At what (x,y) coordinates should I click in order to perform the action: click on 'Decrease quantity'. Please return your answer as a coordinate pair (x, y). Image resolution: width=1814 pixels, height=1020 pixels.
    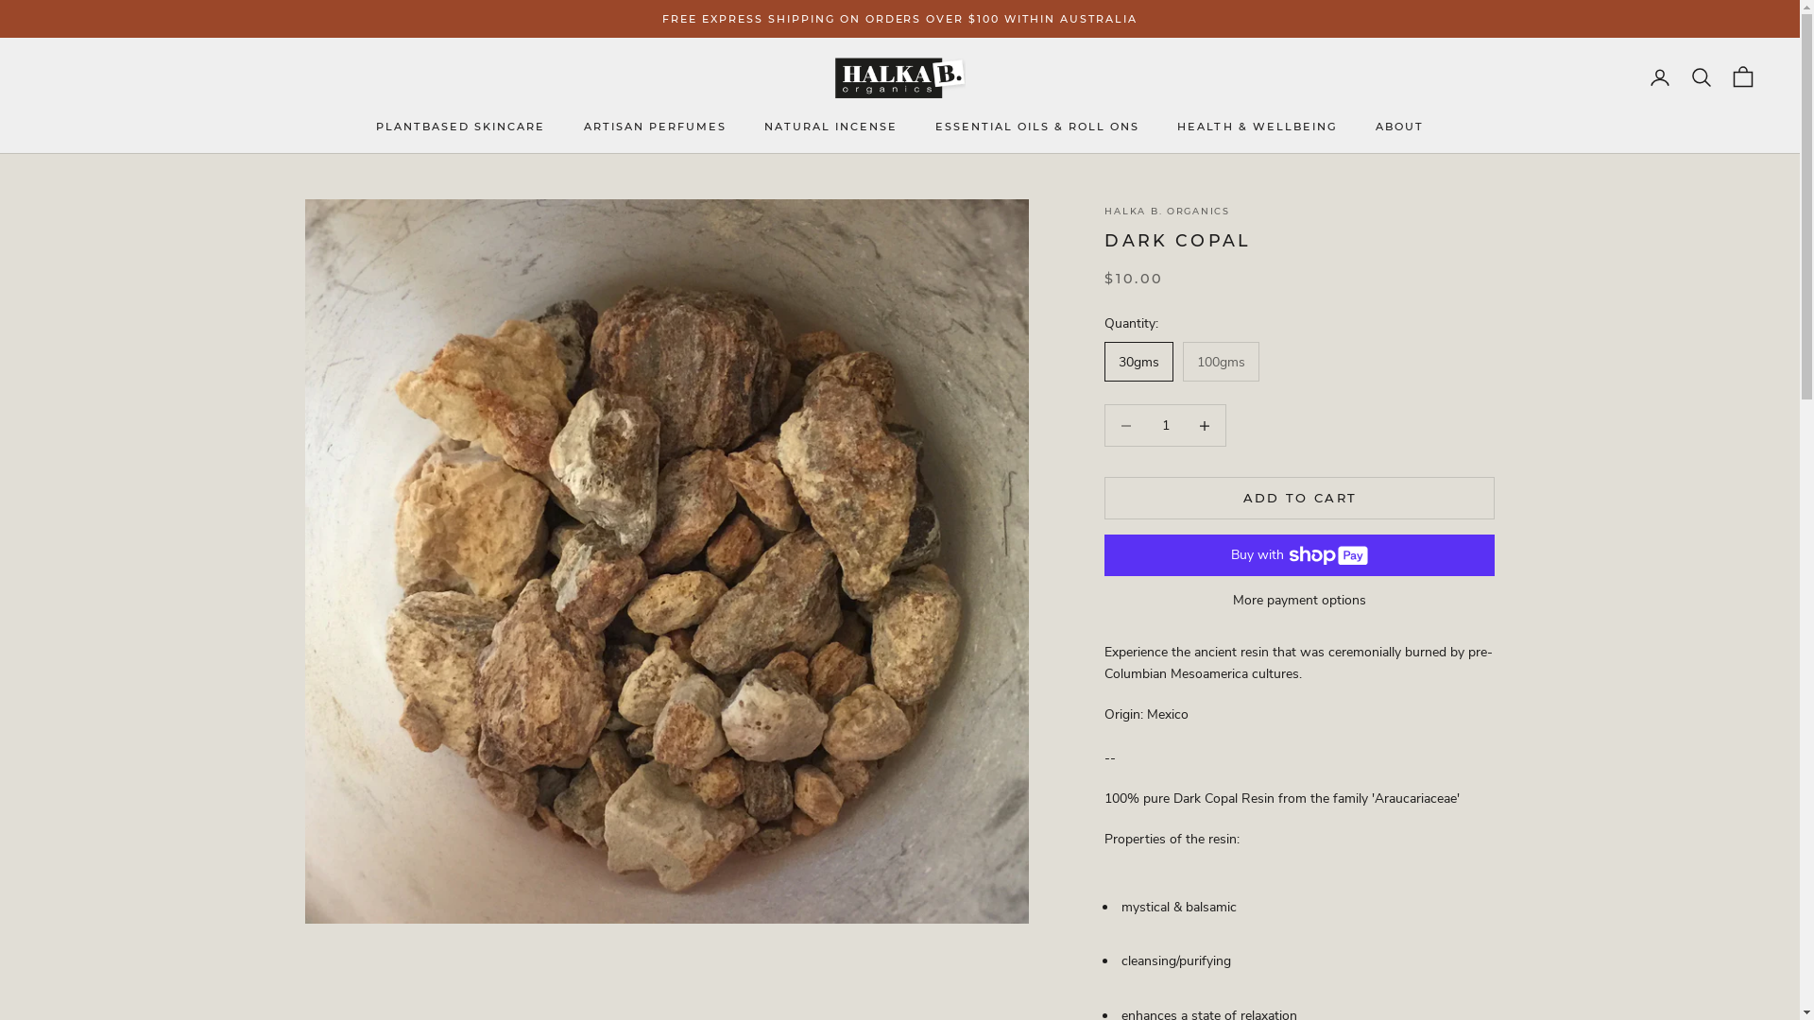
    Looking at the image, I should click on (1125, 425).